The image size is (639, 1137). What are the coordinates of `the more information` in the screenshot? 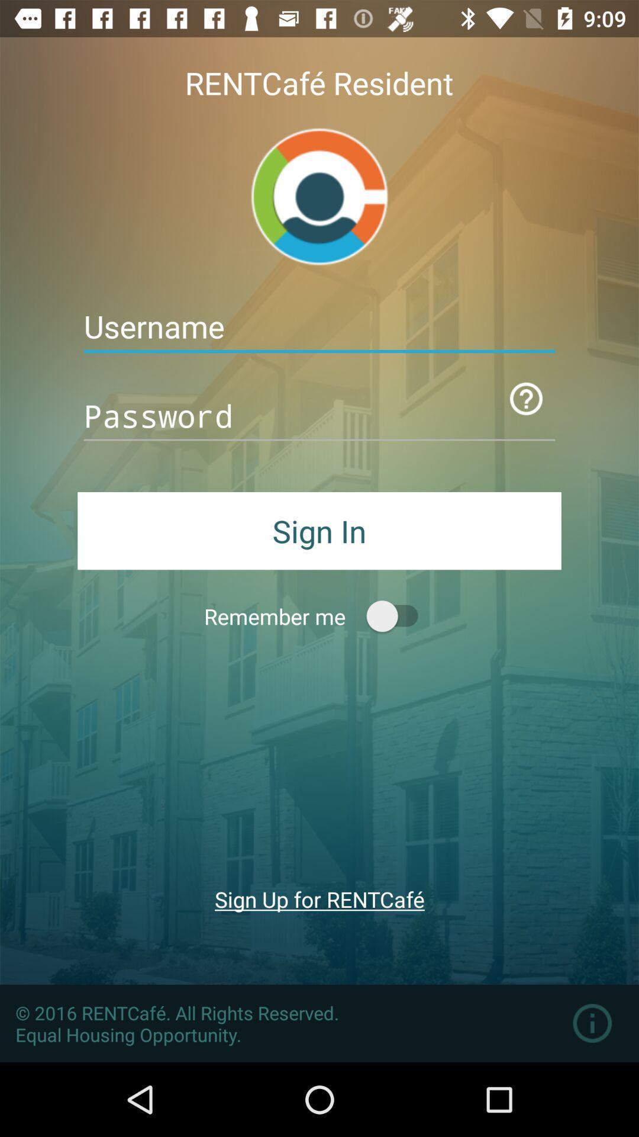 It's located at (592, 1023).